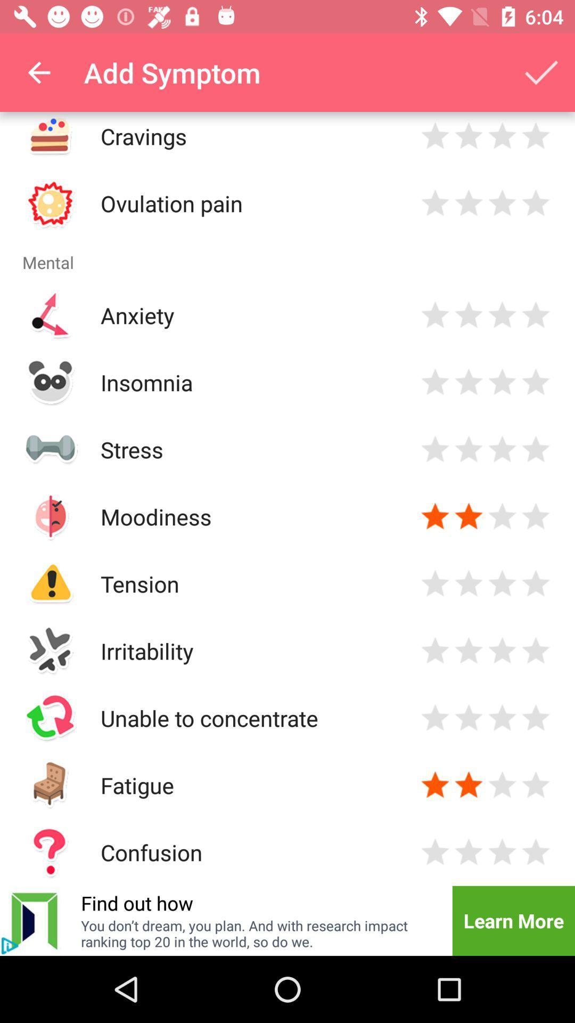 The height and width of the screenshot is (1023, 575). Describe the element at coordinates (536, 718) in the screenshot. I see `rate 4 stars` at that location.